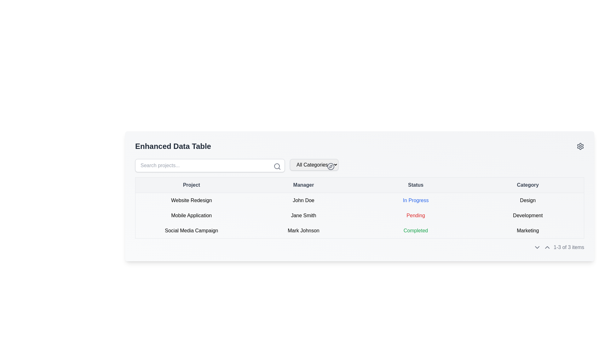 The image size is (605, 340). Describe the element at coordinates (303, 231) in the screenshot. I see `the text label displaying 'Mark Johnson' in the 'Manager' column of the row labeled 'Social Media Campaign'` at that location.